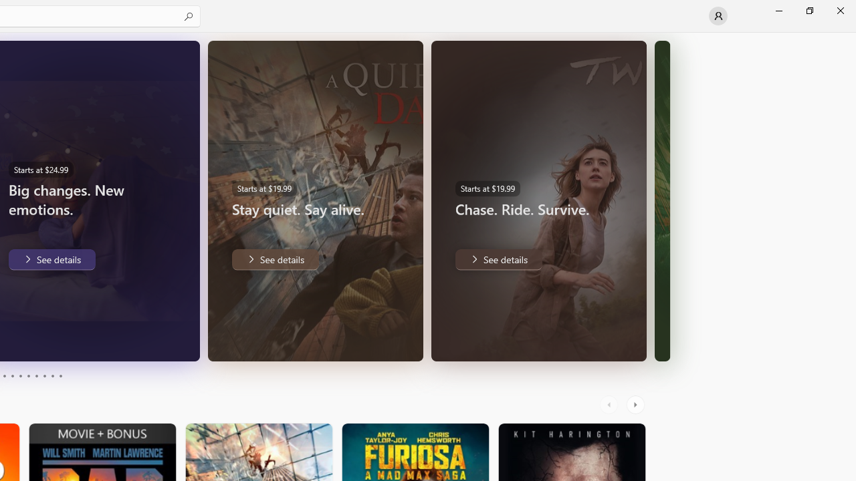 The width and height of the screenshot is (856, 481). I want to click on 'Page 3', so click(3, 376).